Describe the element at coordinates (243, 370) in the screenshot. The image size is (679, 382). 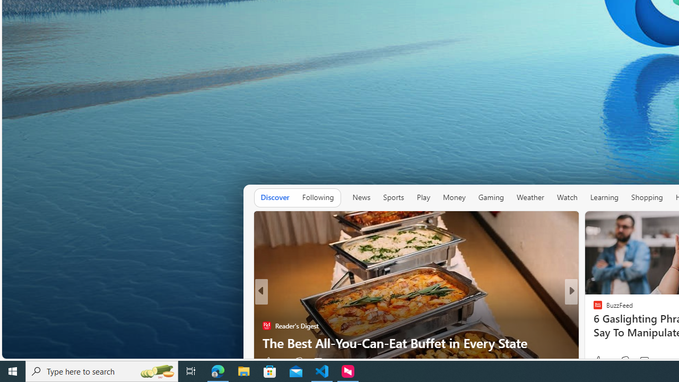
I see `'File Explorer'` at that location.